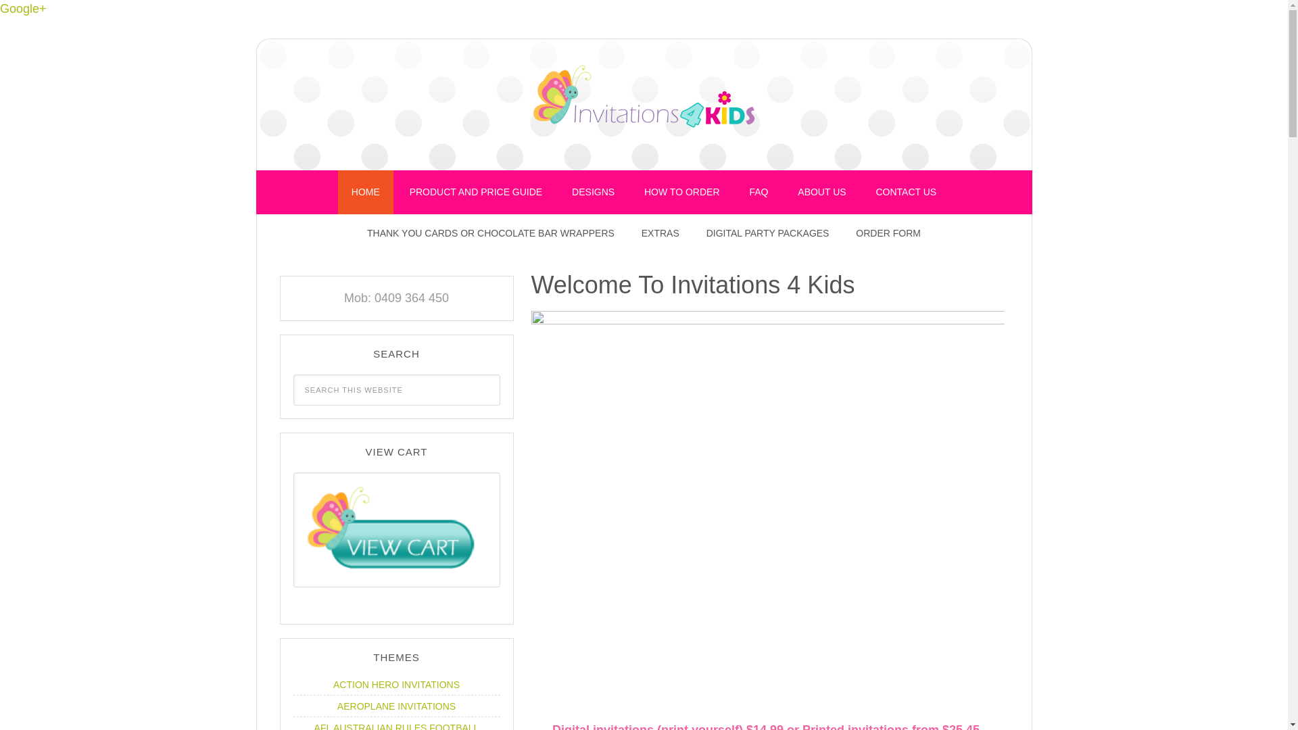 The width and height of the screenshot is (1298, 730). I want to click on 'AEROPLANE INVITATIONS', so click(395, 706).